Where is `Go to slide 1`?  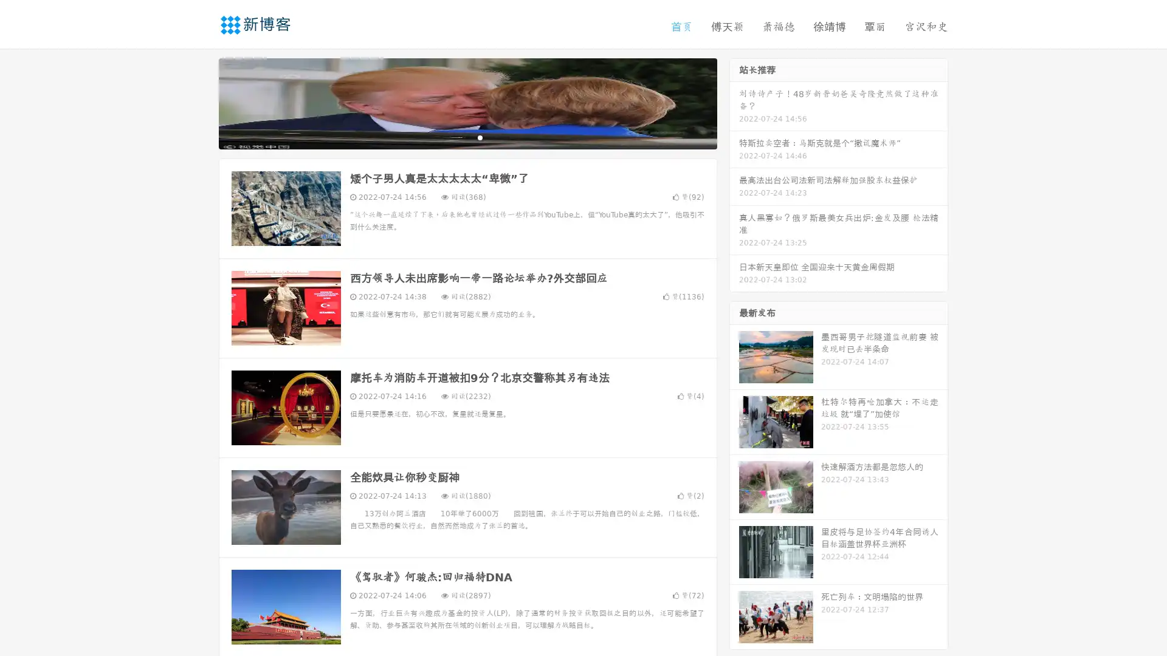
Go to slide 1 is located at coordinates (455, 137).